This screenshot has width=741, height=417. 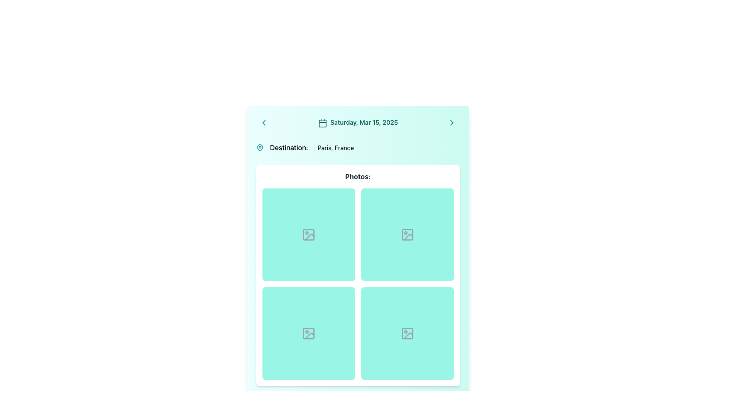 What do you see at coordinates (308, 234) in the screenshot?
I see `the graphic icon located in the upper-left cell of the four-cell image grid in the 'Photos' section` at bounding box center [308, 234].